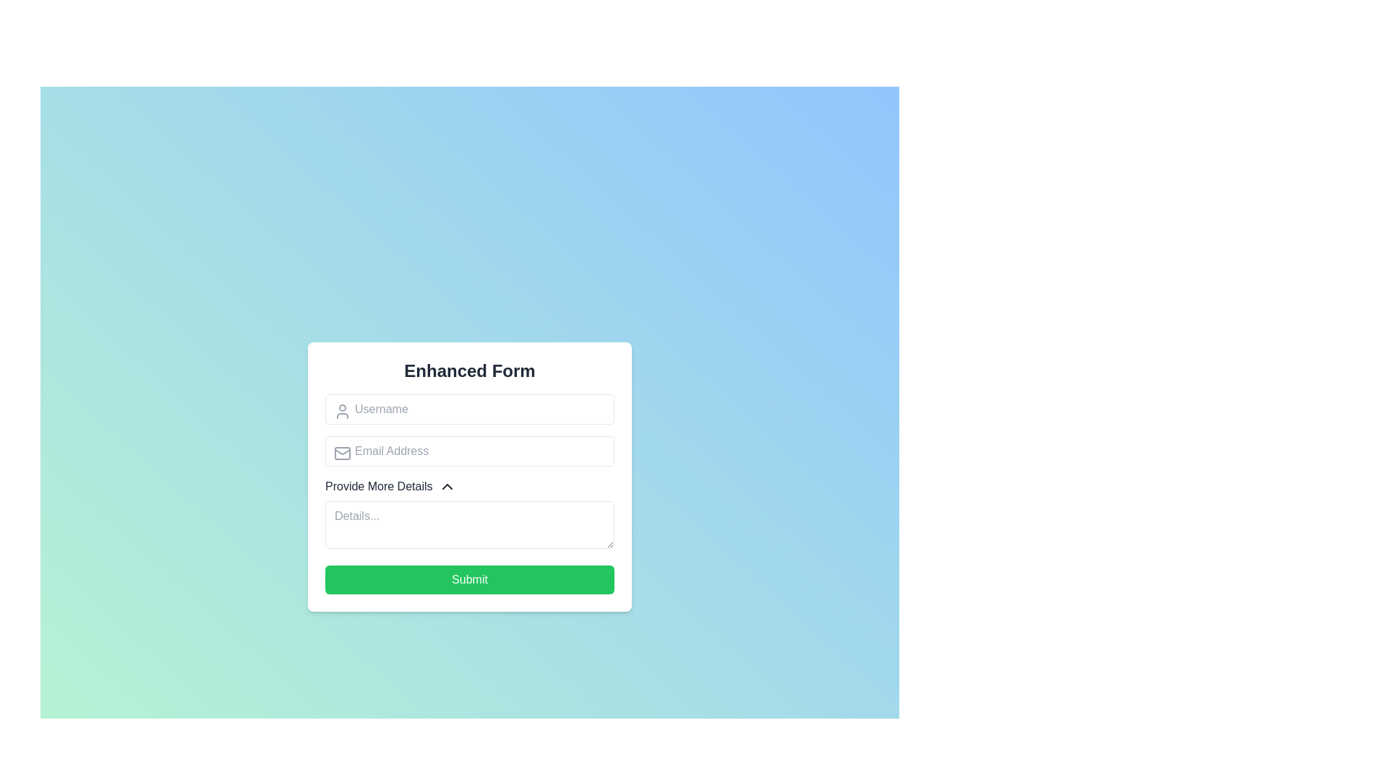 This screenshot has height=780, width=1388. Describe the element at coordinates (446, 486) in the screenshot. I see `the Chevron icon located to the right of the 'Provide More Details' button, which allows users to expand or collapse additional details` at that location.